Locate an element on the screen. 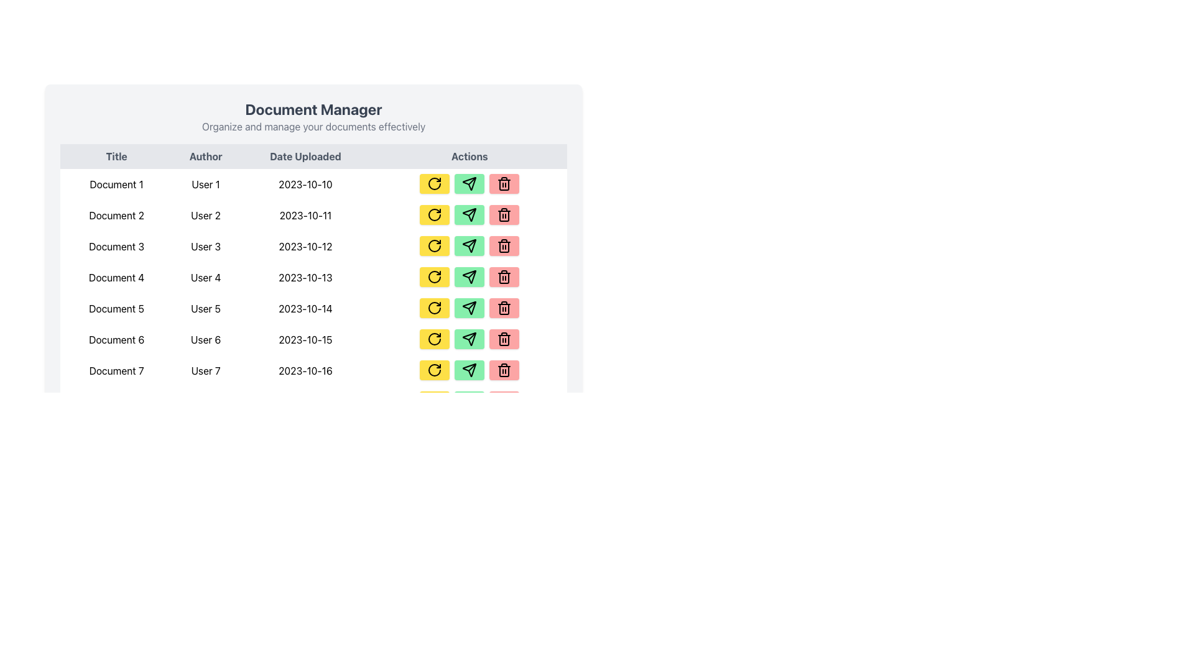 The width and height of the screenshot is (1194, 671). the arrow-shaped icon in the 'Actions' column corresponding to 'Document 7' is located at coordinates (469, 370).